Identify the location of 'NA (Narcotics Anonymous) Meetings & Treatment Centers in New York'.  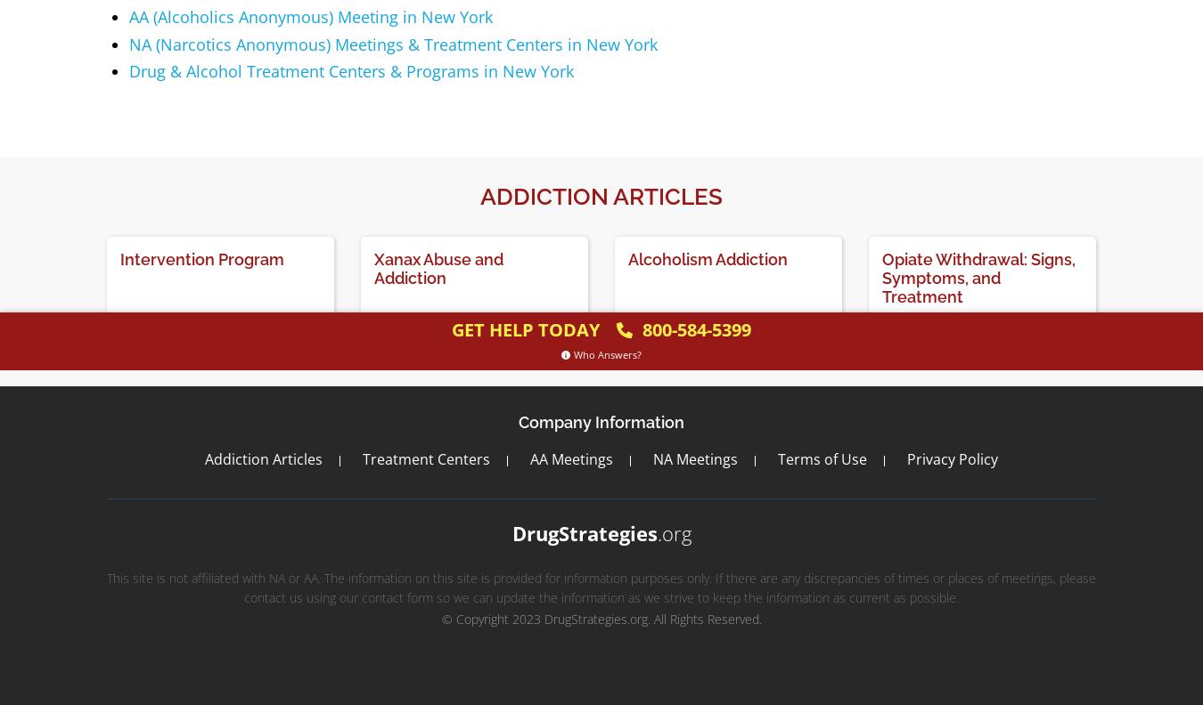
(393, 43).